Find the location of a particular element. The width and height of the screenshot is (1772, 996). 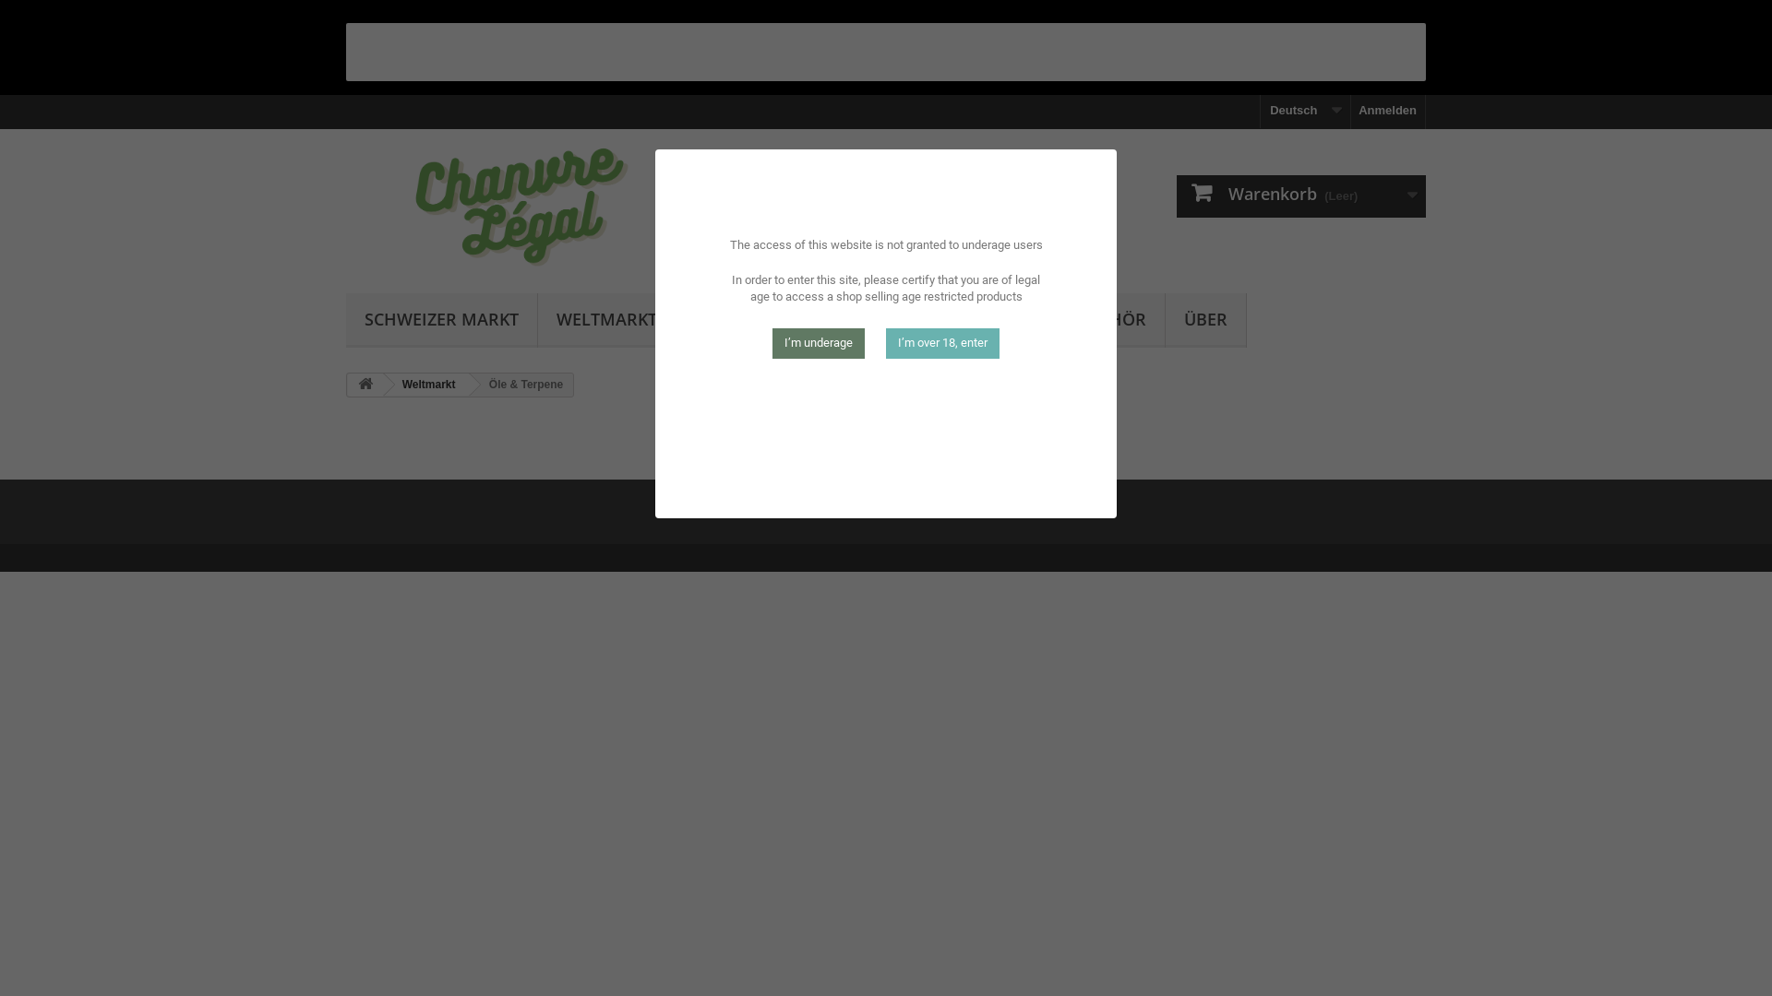

'Weltmarkt' is located at coordinates (380, 383).